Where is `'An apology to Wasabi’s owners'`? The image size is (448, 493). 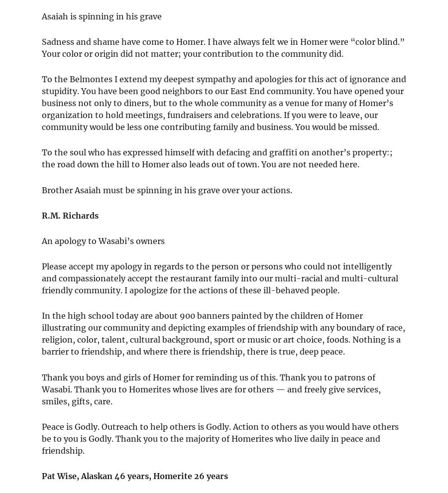 'An apology to Wasabi’s owners' is located at coordinates (103, 241).